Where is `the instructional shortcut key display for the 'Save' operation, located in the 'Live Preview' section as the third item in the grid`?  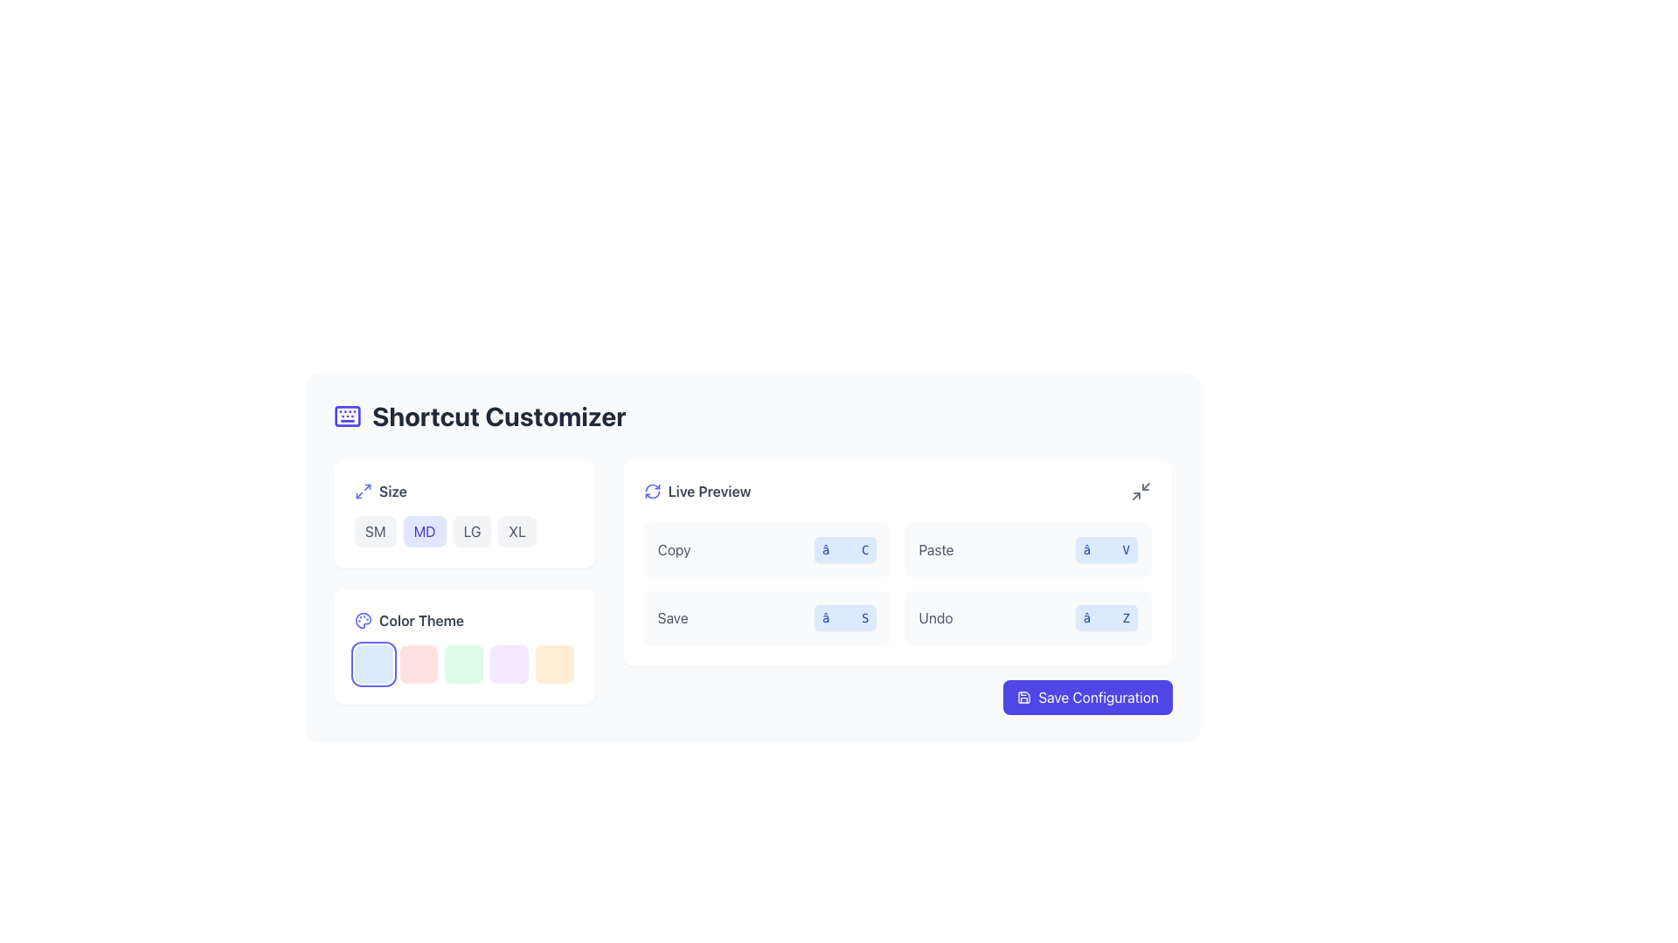
the instructional shortcut key display for the 'Save' operation, located in the 'Live Preview' section as the third item in the grid is located at coordinates (767, 617).